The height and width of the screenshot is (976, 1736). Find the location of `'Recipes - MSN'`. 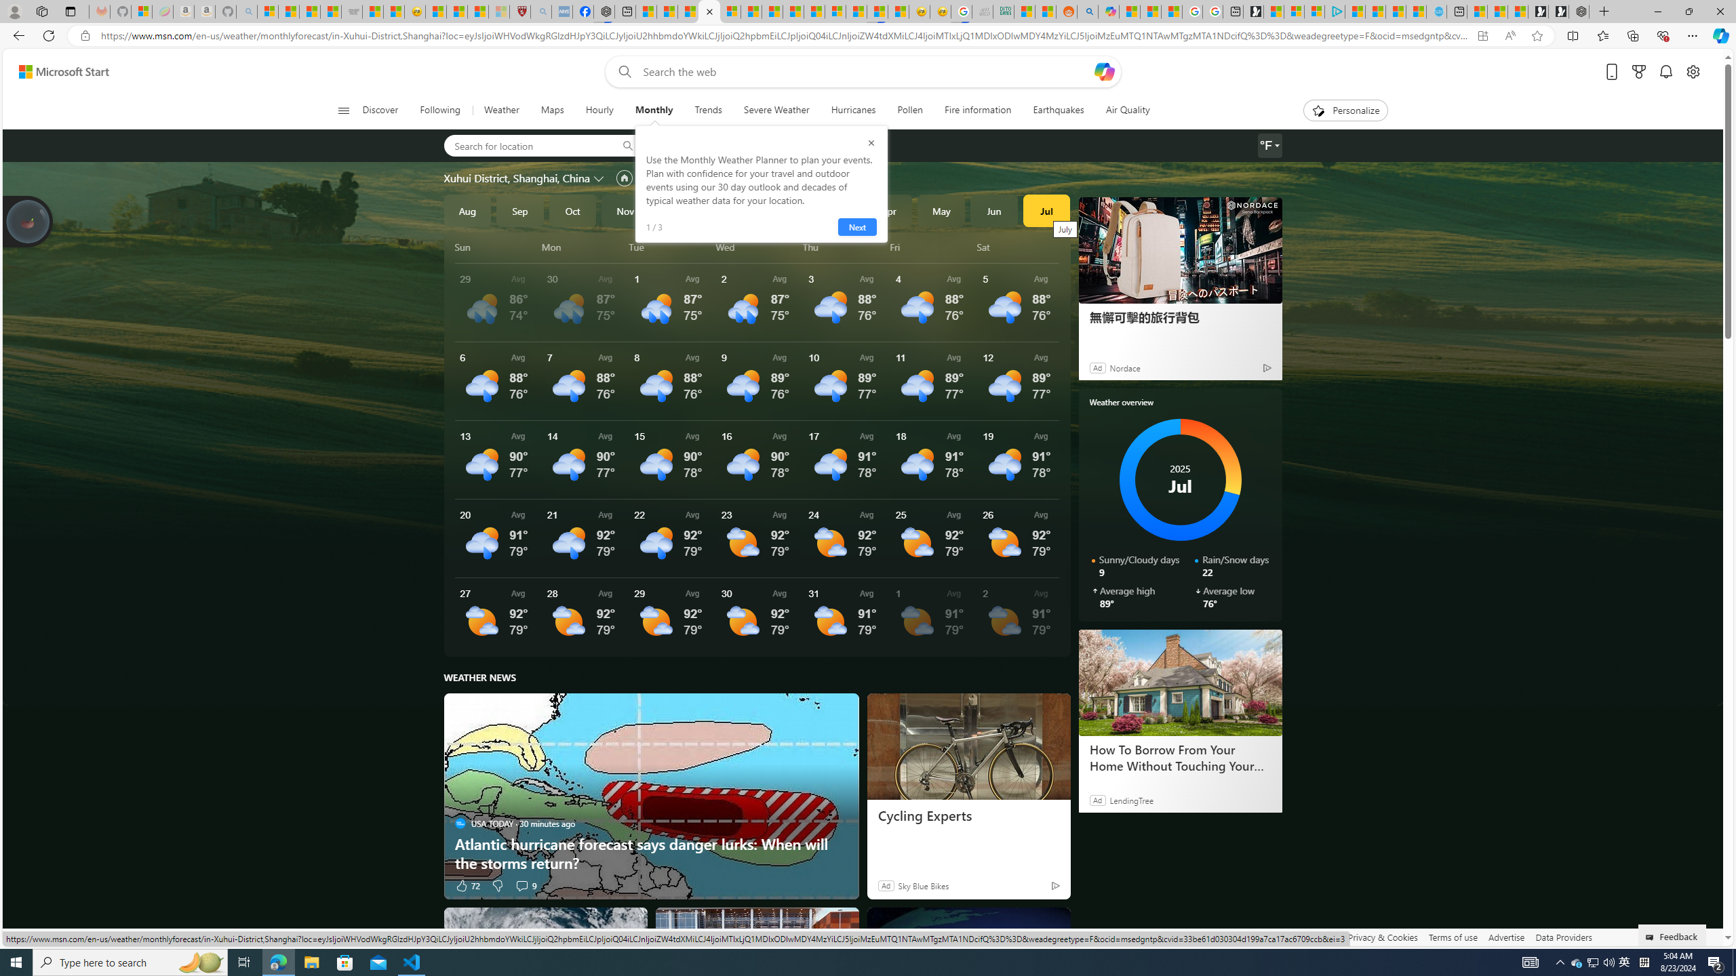

'Recipes - MSN' is located at coordinates (436, 11).